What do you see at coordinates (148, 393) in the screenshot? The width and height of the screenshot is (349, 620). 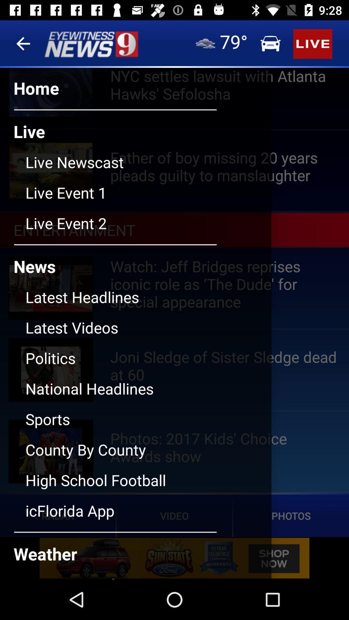 I see `the fourth option under news` at bounding box center [148, 393].